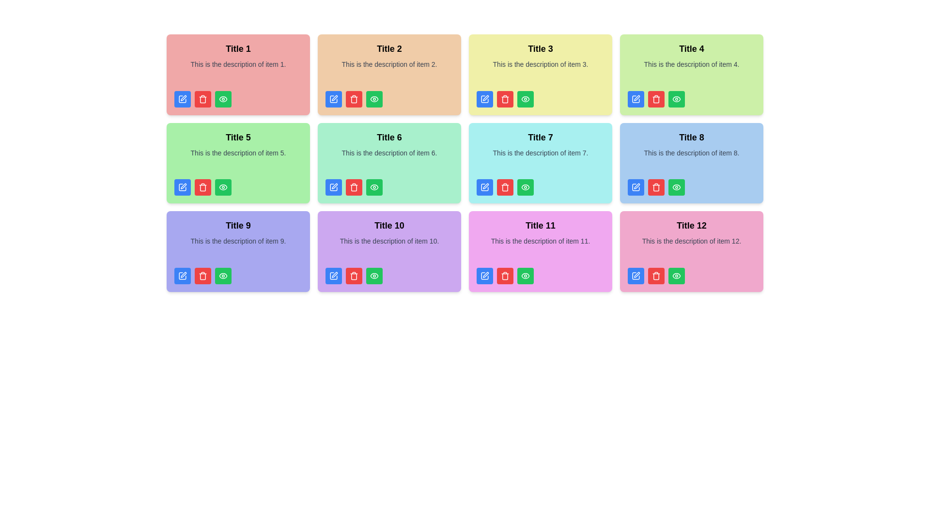  Describe the element at coordinates (504, 99) in the screenshot. I see `the red button with a trash icon located in the middle of three buttons under 'Title 3'` at that location.